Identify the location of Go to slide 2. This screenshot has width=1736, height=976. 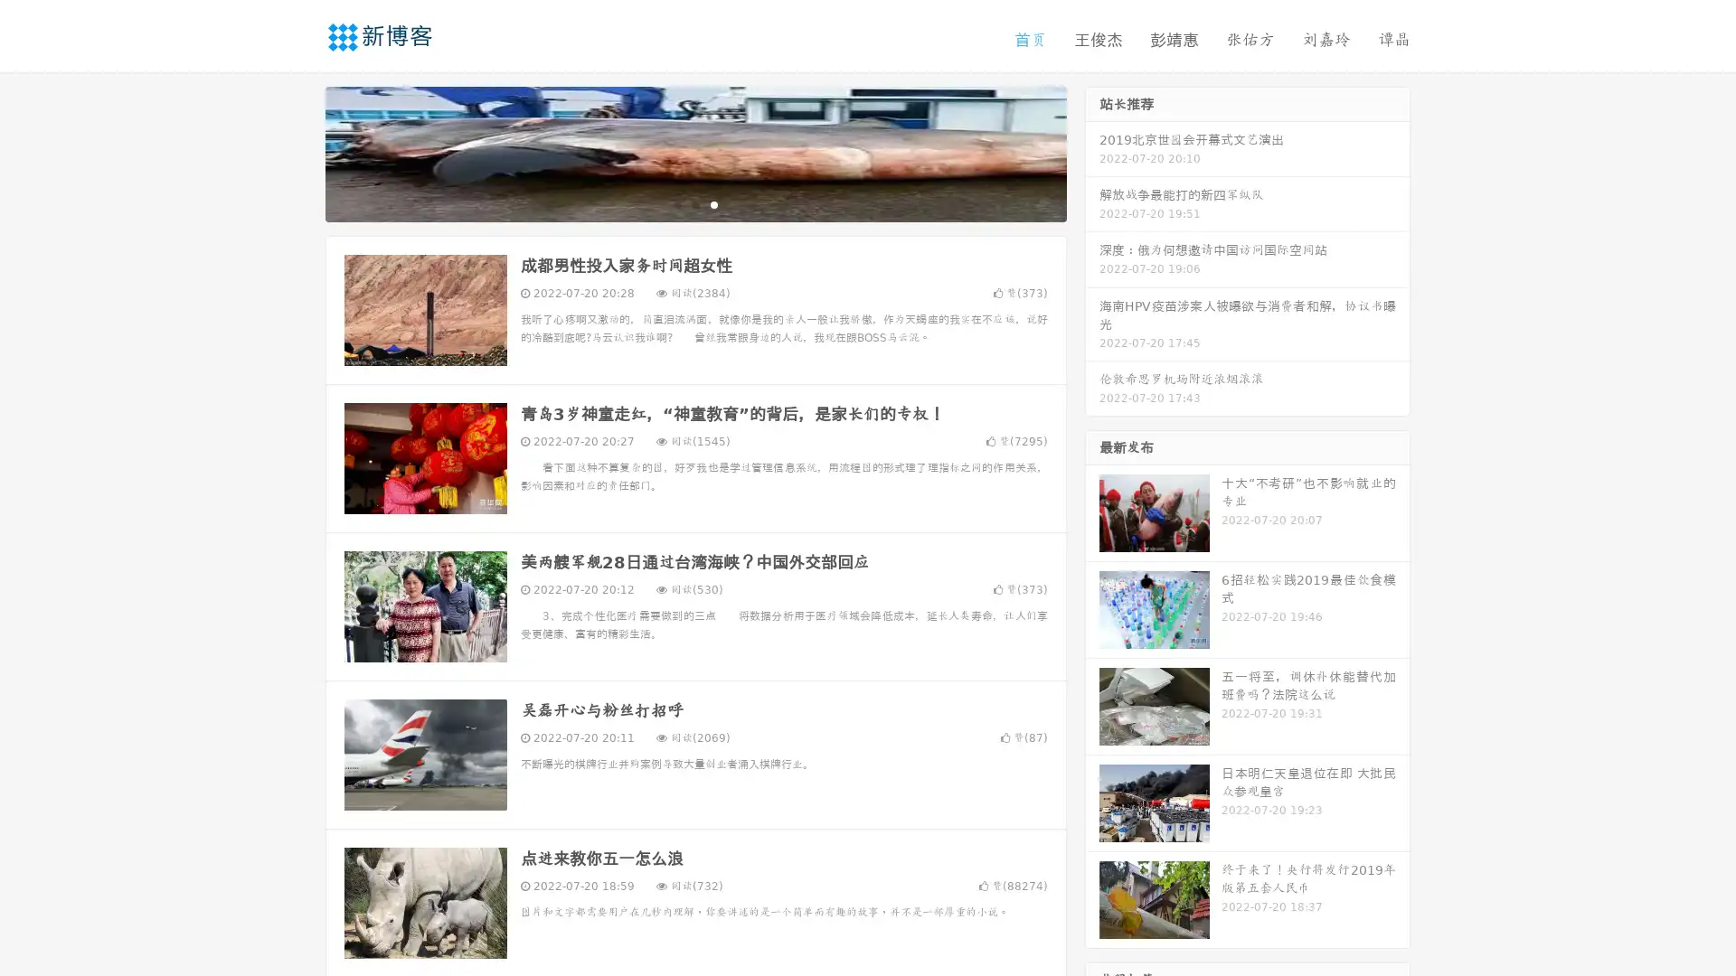
(694, 203).